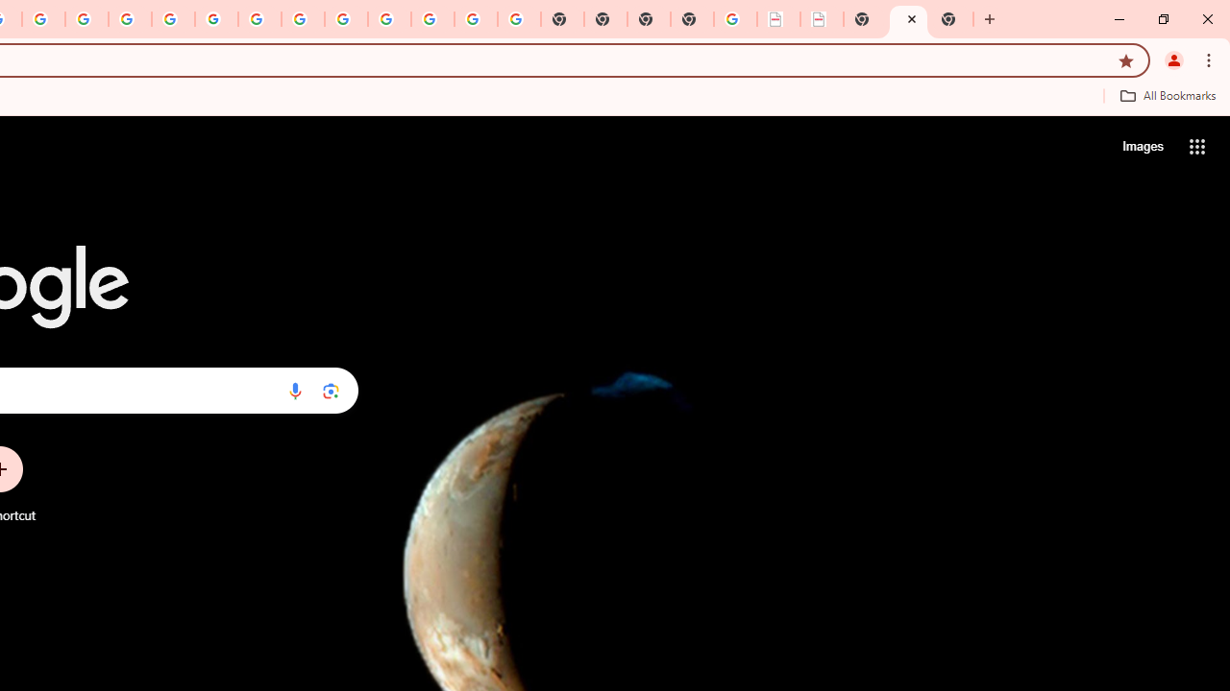 The image size is (1230, 691). Describe the element at coordinates (258, 19) in the screenshot. I see `'YouTube'` at that location.